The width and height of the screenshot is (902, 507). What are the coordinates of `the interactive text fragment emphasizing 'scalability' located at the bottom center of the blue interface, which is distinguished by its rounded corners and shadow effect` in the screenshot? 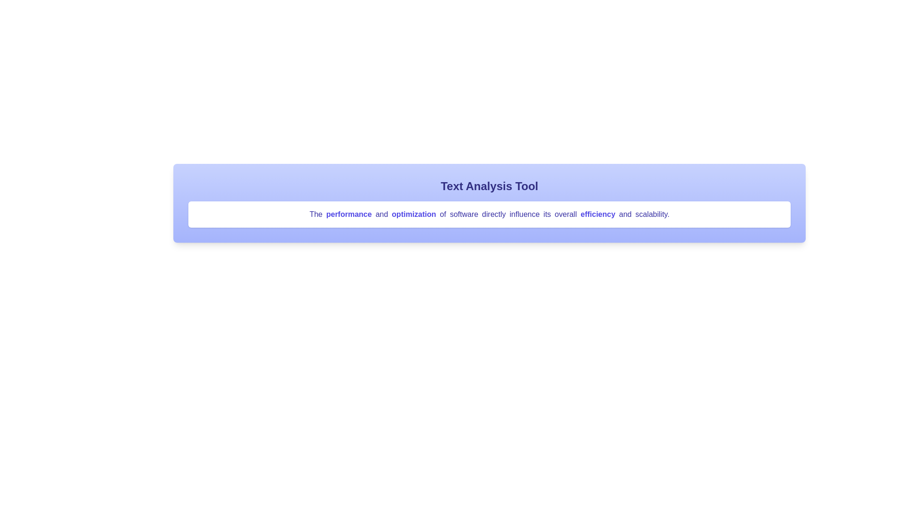 It's located at (652, 214).